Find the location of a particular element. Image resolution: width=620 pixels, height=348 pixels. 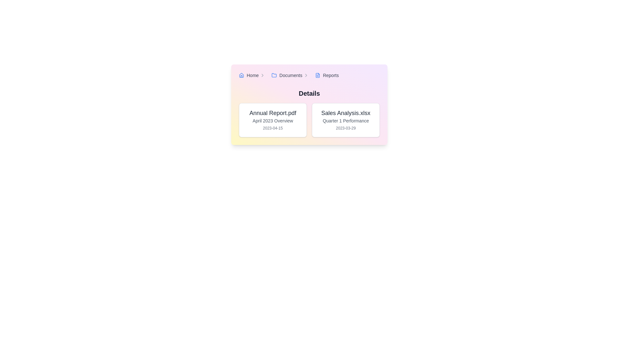

the small blue folder icon located next to the text 'Documents' in the breadcrumb navigation for possible interactions is located at coordinates (274, 75).